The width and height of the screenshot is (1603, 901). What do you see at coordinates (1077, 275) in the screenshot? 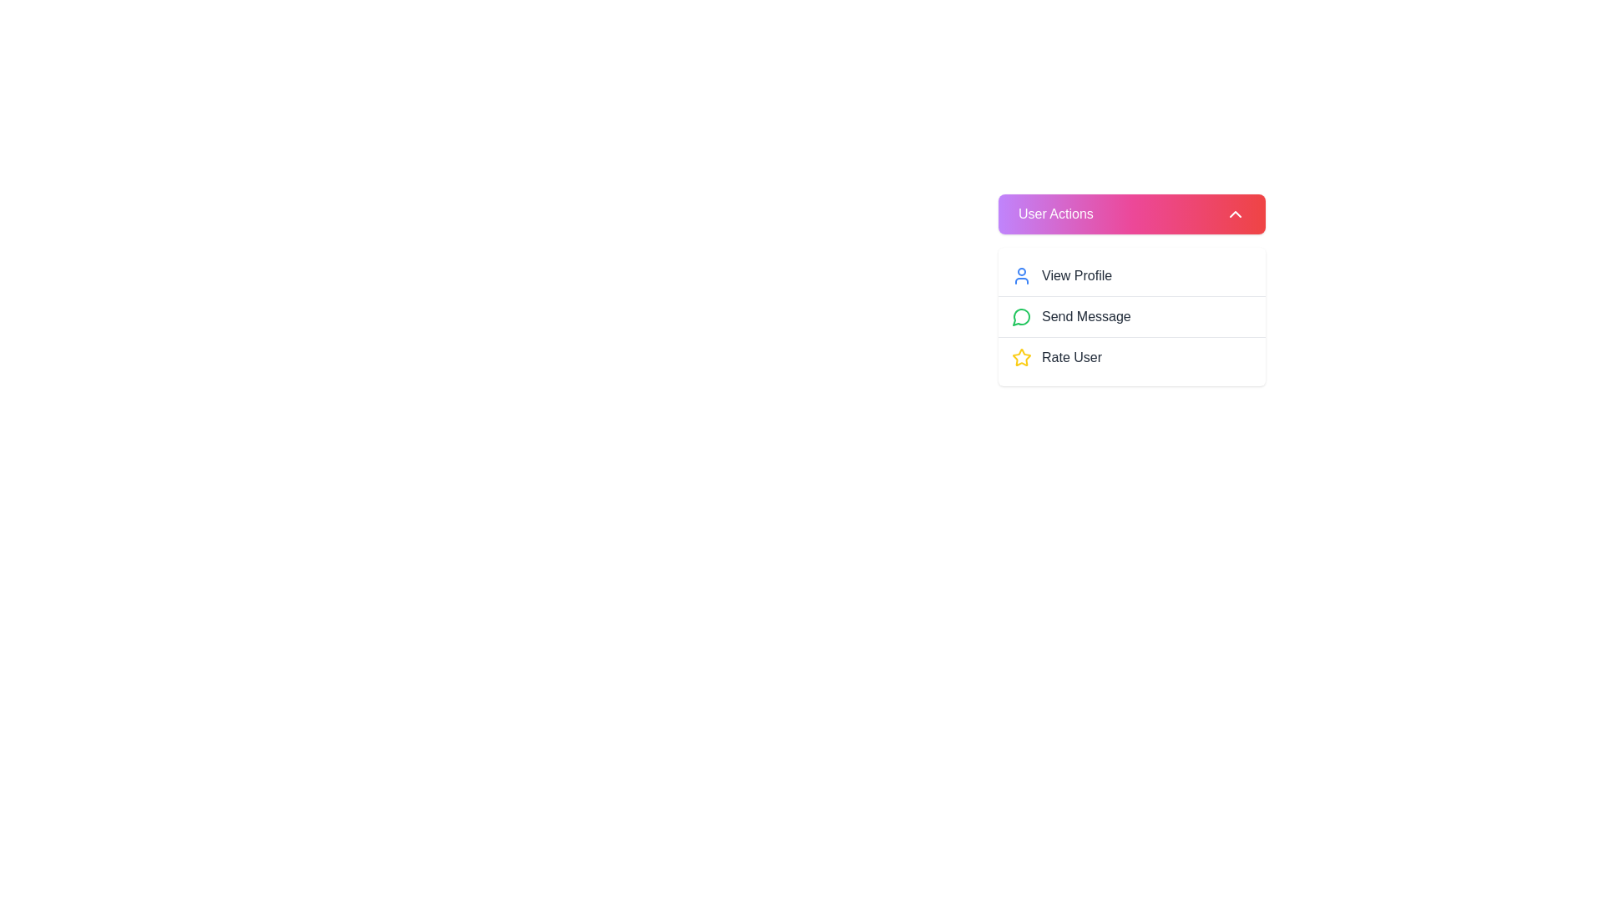
I see `the 'View Profile' text link located in the second row under 'User Actions'` at bounding box center [1077, 275].